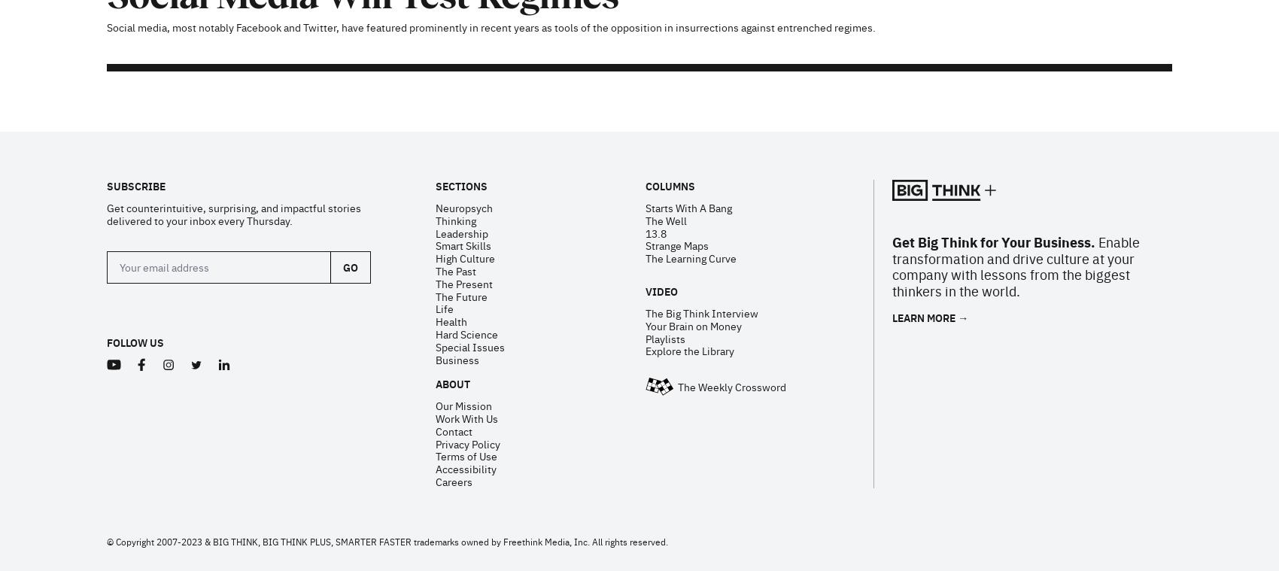  What do you see at coordinates (460, 37) in the screenshot?
I see `'Leadership'` at bounding box center [460, 37].